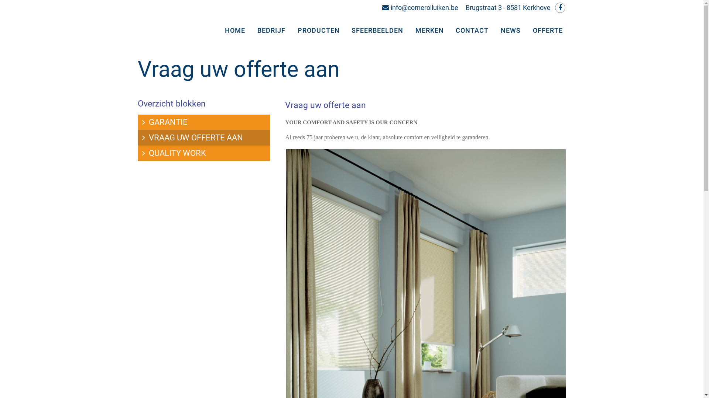 The image size is (709, 398). What do you see at coordinates (473, 30) in the screenshot?
I see `'CONTACT'` at bounding box center [473, 30].